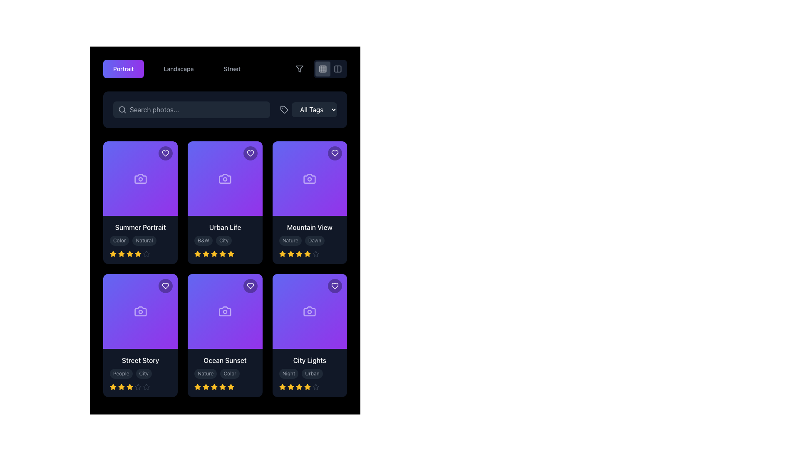 This screenshot has height=449, width=799. I want to click on the third star icon in the rating system of the 'Street Story' card, so click(121, 386).